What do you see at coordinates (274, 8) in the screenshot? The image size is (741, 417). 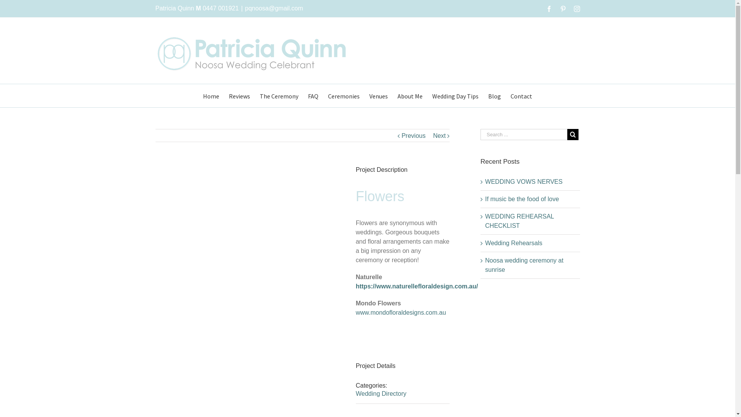 I see `'pqnoosa@gmail.com'` at bounding box center [274, 8].